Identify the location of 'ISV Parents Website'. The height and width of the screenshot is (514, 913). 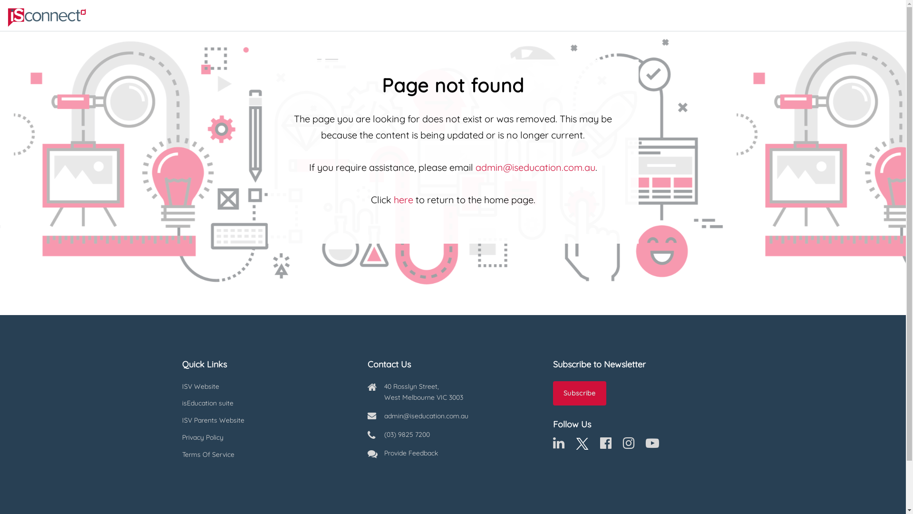
(266, 420).